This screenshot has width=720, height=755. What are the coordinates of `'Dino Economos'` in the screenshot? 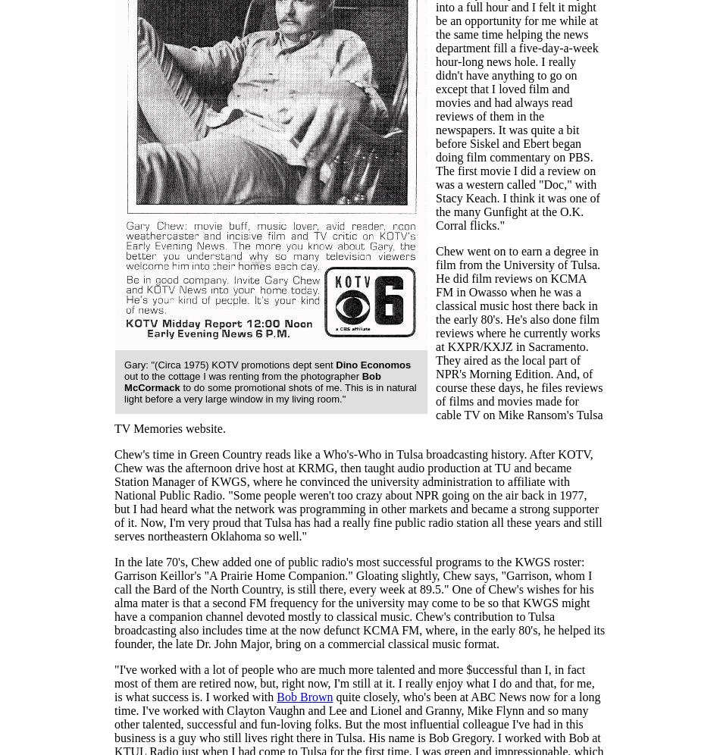 It's located at (373, 364).